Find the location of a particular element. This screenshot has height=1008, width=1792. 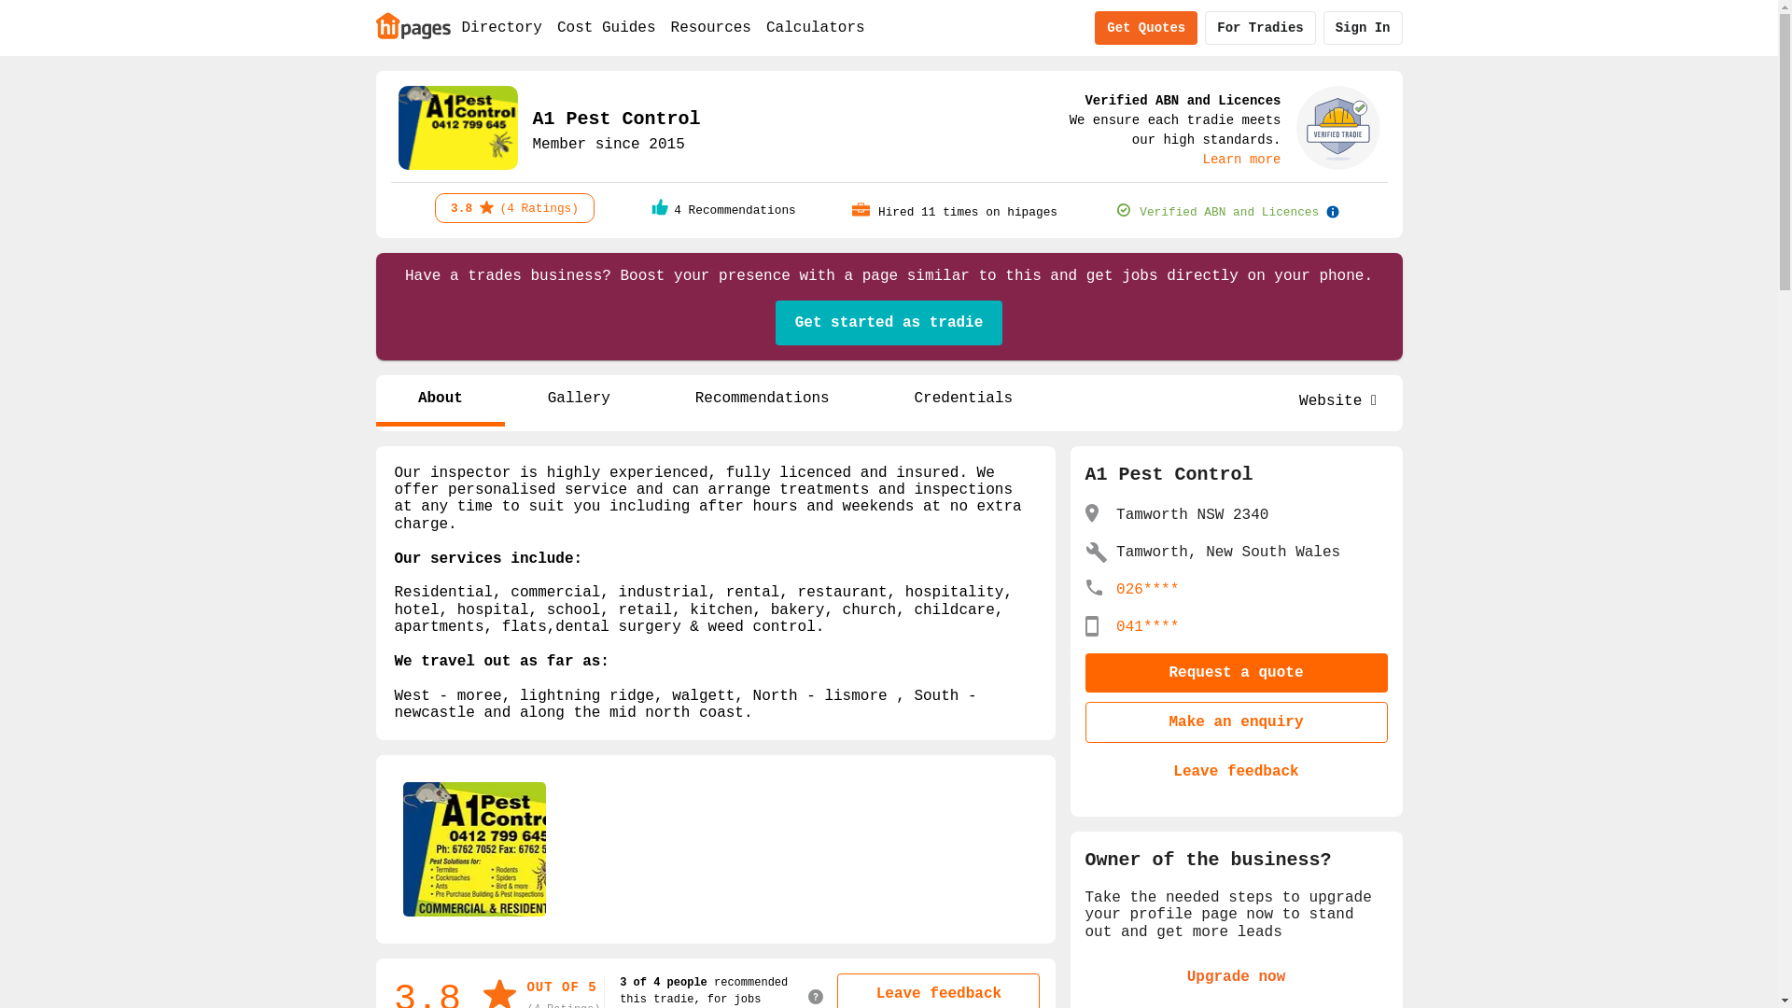

'About' is located at coordinates (439, 399).